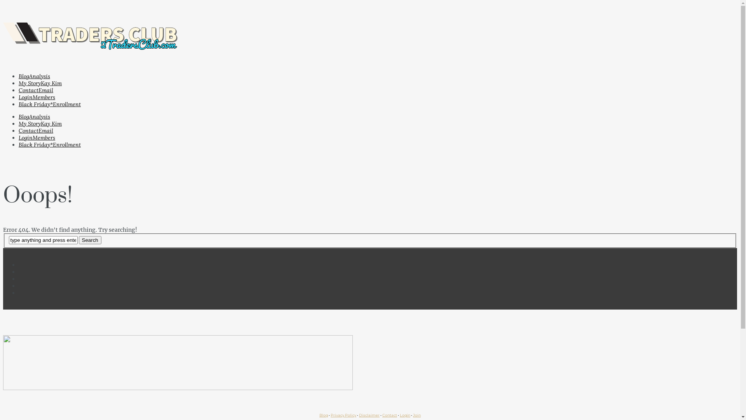 This screenshot has width=746, height=420. Describe the element at coordinates (49, 144) in the screenshot. I see `'Black Friday*Enrollment'` at that location.